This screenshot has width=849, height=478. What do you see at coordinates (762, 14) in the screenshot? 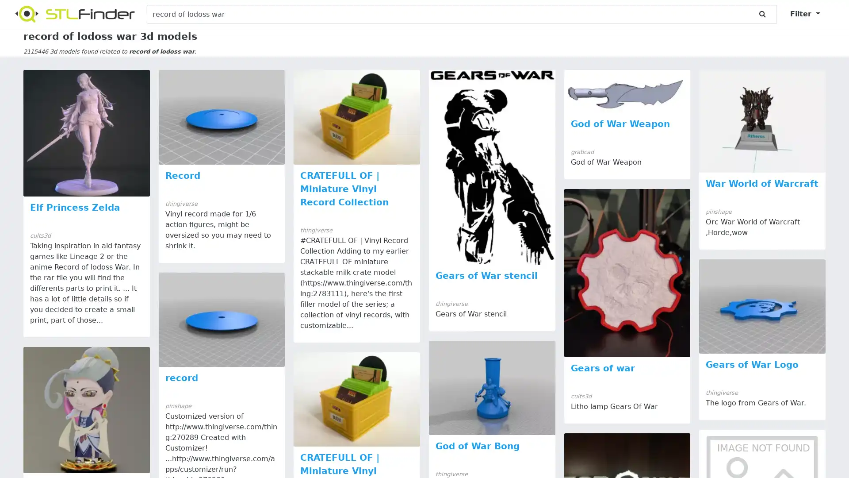
I see `submit` at bounding box center [762, 14].